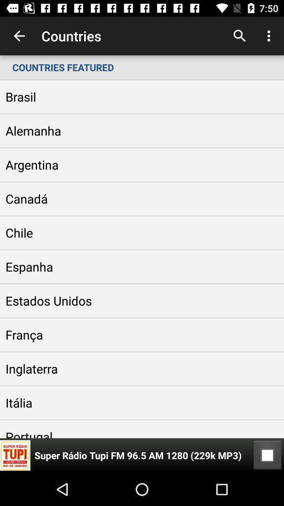  I want to click on app to the left of the countries app, so click(19, 36).